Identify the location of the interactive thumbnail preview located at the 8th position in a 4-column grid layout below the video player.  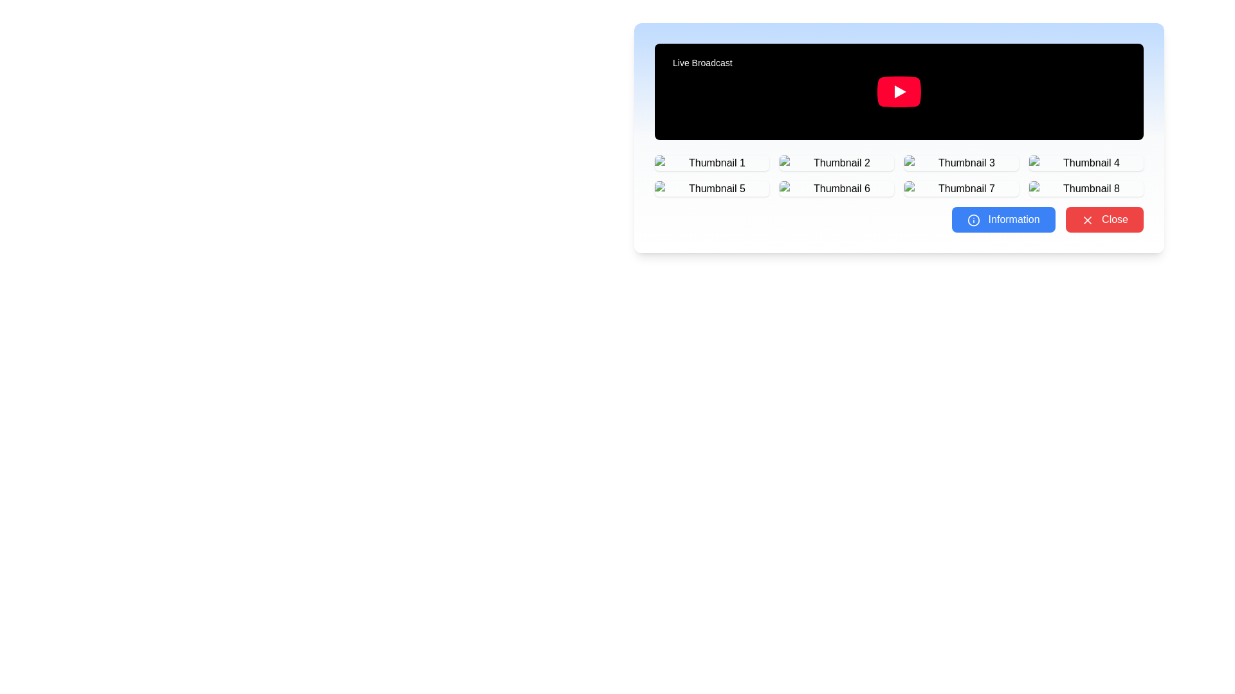
(1086, 188).